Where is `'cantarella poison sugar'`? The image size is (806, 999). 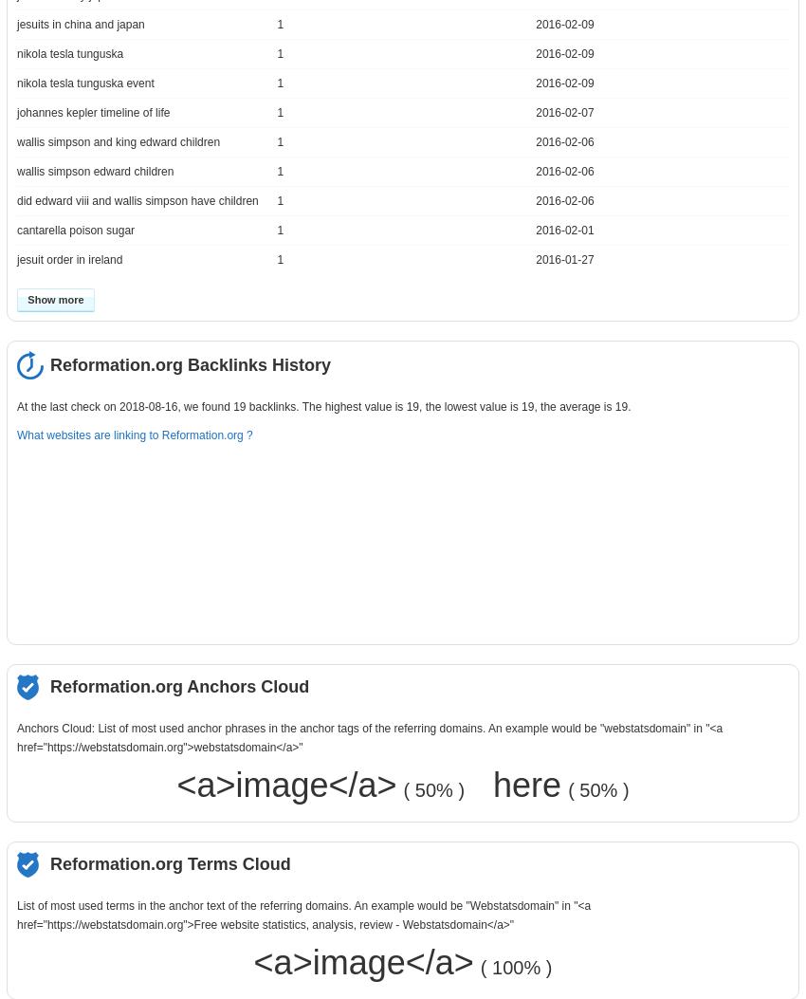 'cantarella poison sugar' is located at coordinates (75, 230).